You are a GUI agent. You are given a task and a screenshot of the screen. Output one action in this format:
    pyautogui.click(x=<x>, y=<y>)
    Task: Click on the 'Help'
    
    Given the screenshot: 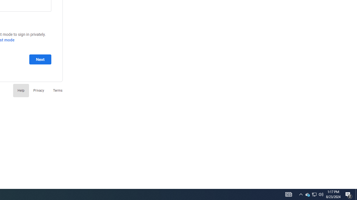 What is the action you would take?
    pyautogui.click(x=21, y=90)
    